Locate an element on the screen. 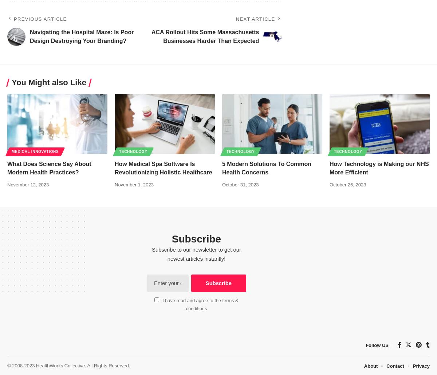 This screenshot has width=437, height=375. 'Subscribe to our newsletter to get our newest articles instantly!' is located at coordinates (196, 254).